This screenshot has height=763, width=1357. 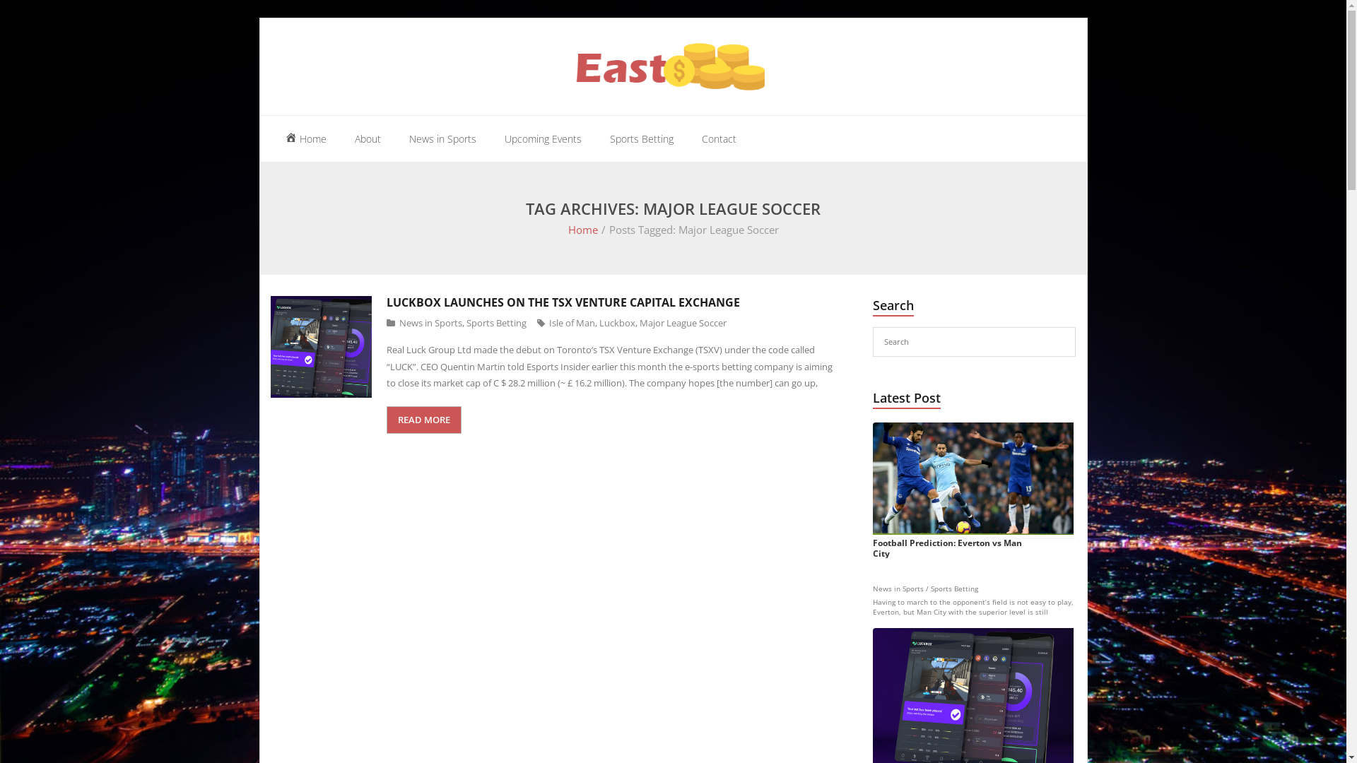 What do you see at coordinates (430, 322) in the screenshot?
I see `'News in Sports'` at bounding box center [430, 322].